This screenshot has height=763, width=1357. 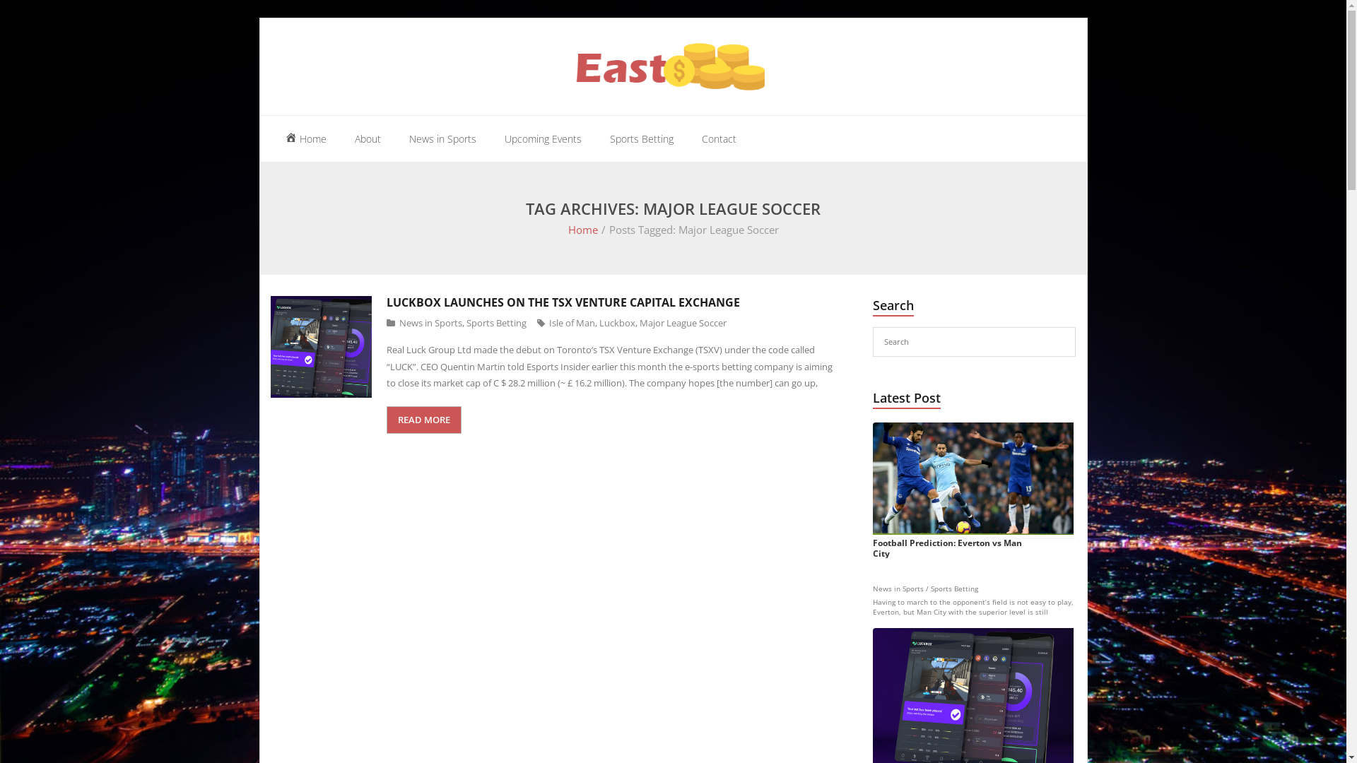 What do you see at coordinates (430, 322) in the screenshot?
I see `'News in Sports'` at bounding box center [430, 322].